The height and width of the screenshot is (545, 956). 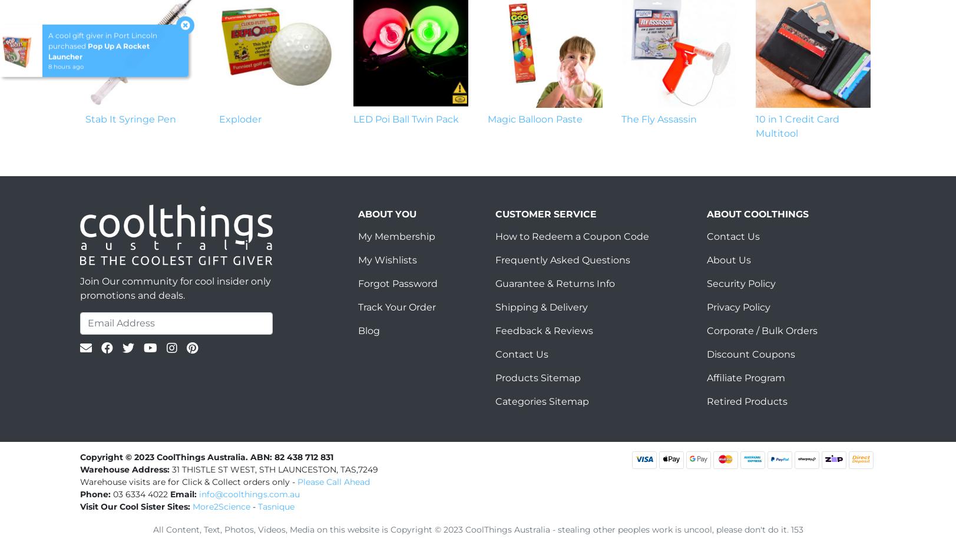 I want to click on 'All Content, Text, Photos, Videos, Media on this website is Copyright © 2023 CoolThings Australia - stealing other peoples work is uncool, please don't do it. 153', so click(x=478, y=530).